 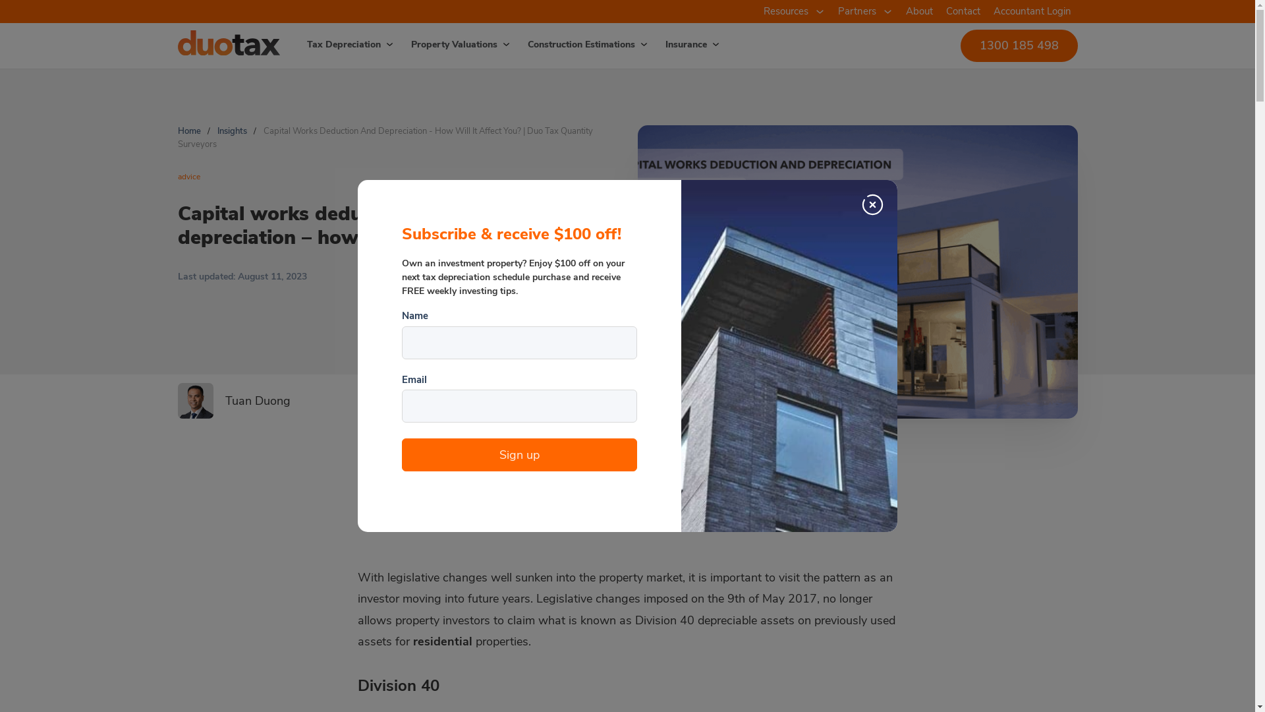 I want to click on 'Partners', so click(x=857, y=11).